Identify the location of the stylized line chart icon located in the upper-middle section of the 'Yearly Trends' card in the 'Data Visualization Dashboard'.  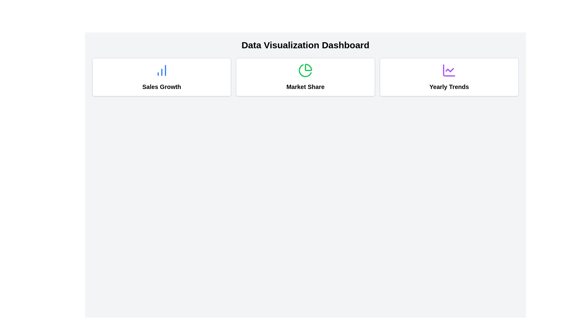
(449, 70).